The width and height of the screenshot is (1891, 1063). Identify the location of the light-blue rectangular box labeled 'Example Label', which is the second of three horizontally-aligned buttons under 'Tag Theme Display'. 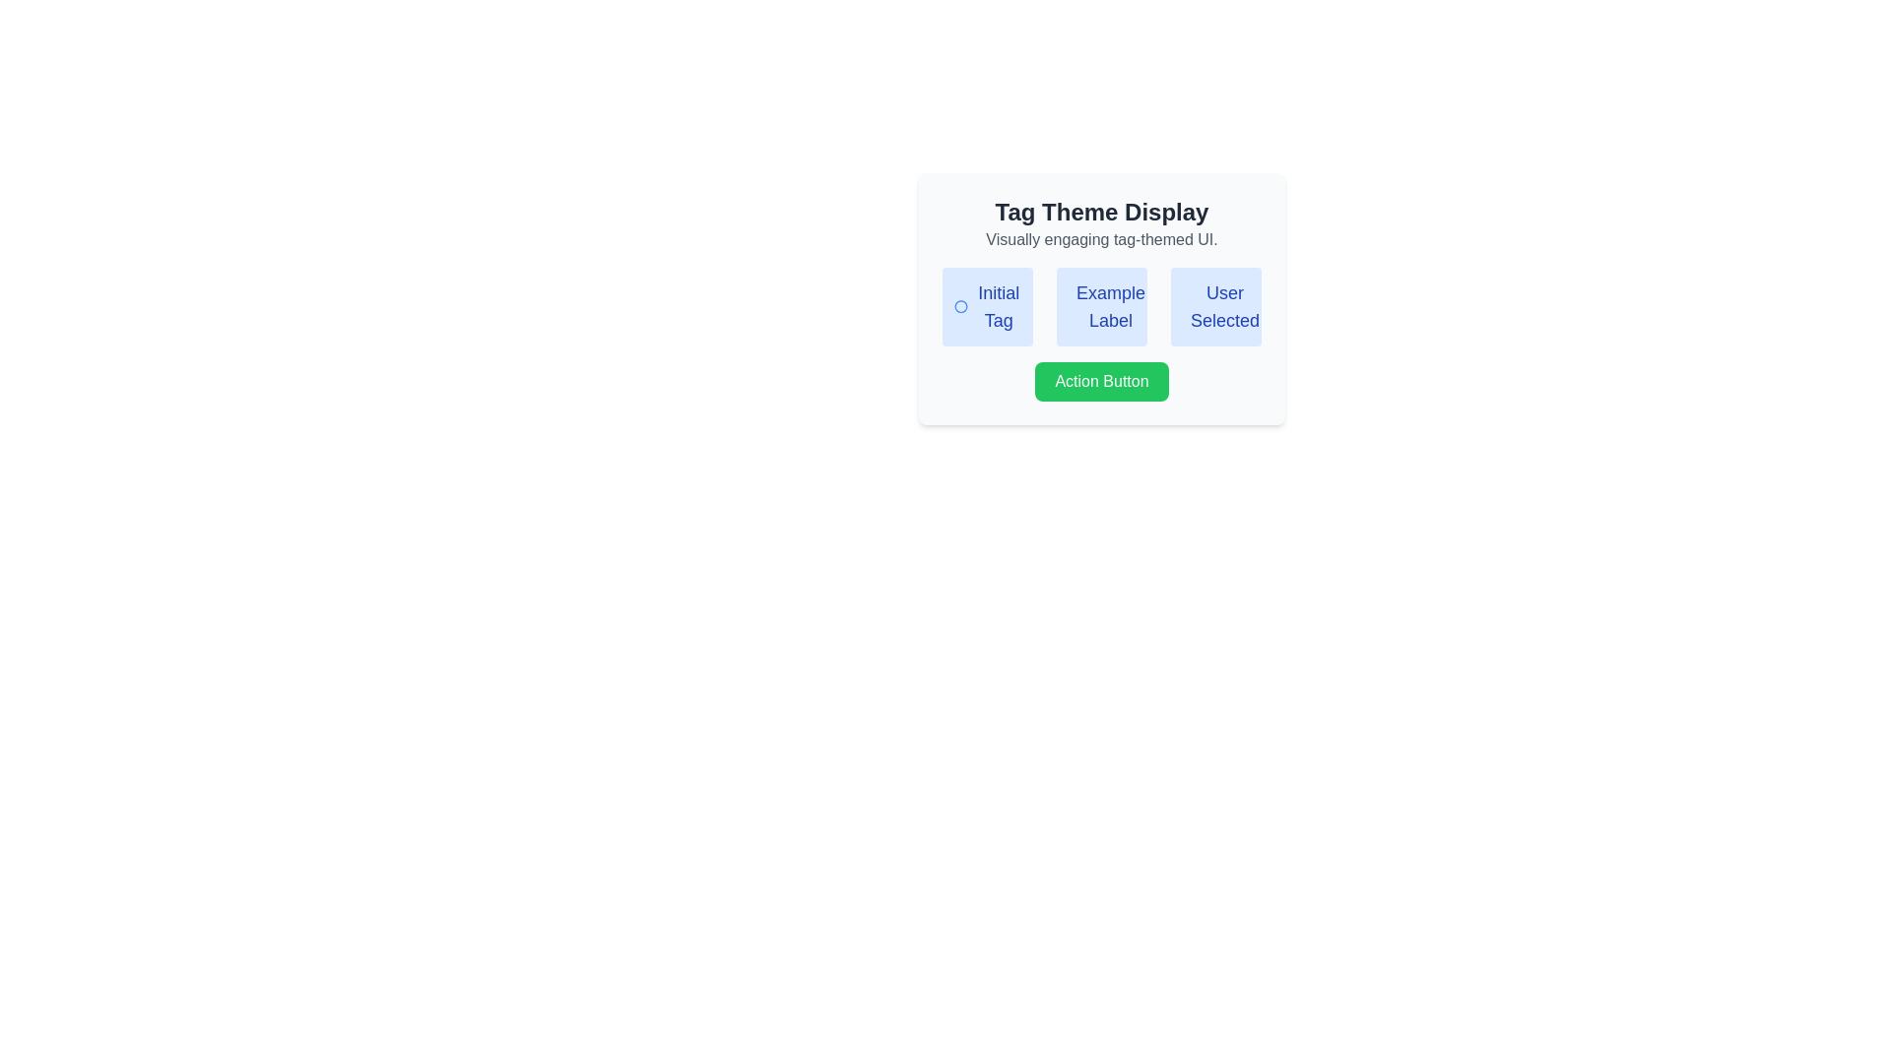
(1100, 307).